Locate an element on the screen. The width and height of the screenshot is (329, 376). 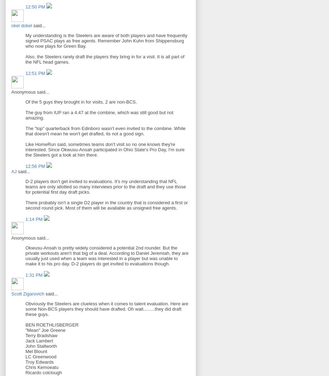
'The "top" quarterback from Edinboro wasn't even invited to the combine.  While that doesn't mean he won't get drafted, its not a good sign.' is located at coordinates (105, 131).